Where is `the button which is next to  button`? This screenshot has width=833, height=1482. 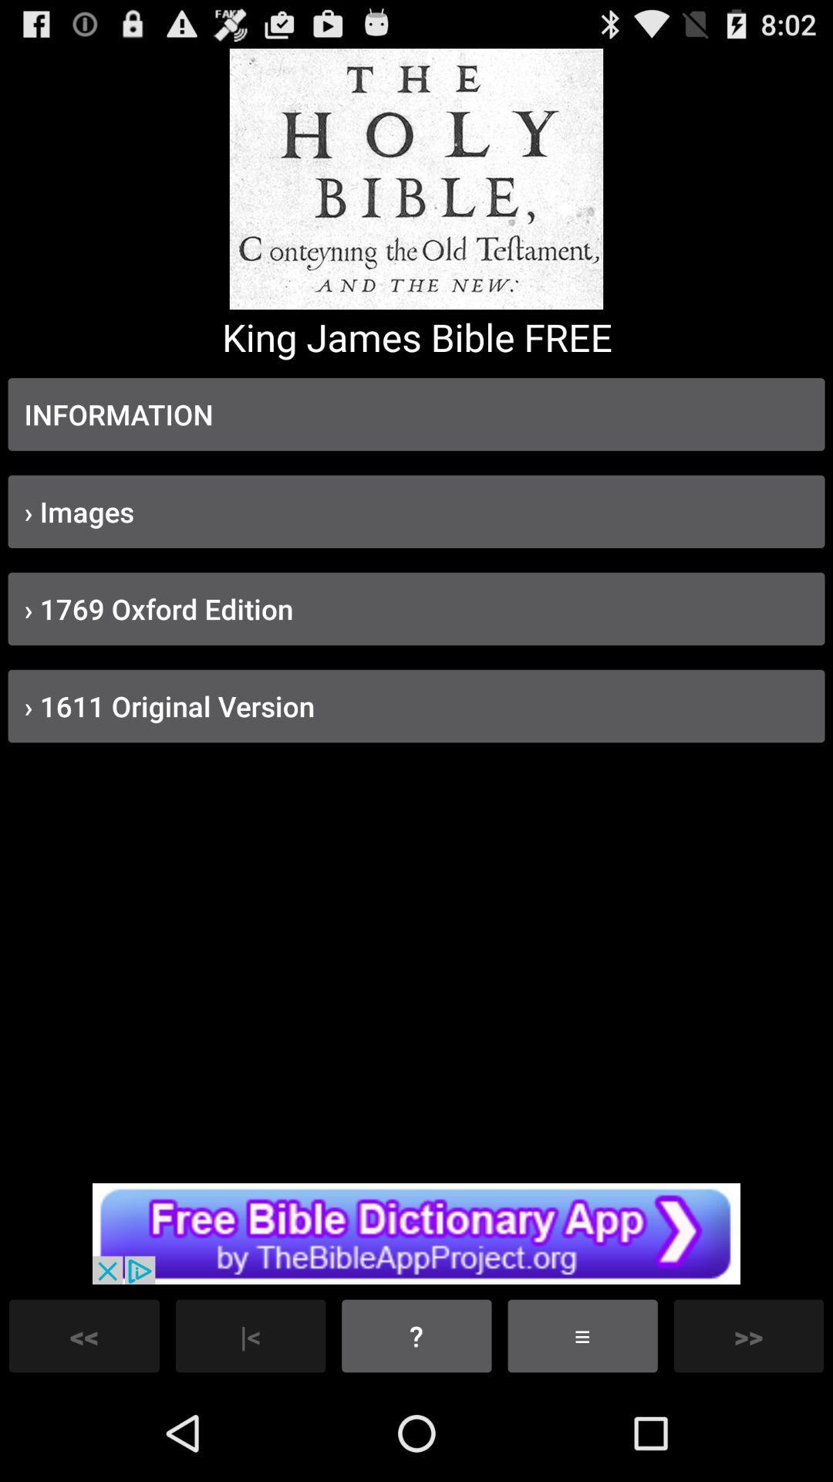 the button which is next to  button is located at coordinates (582, 1335).